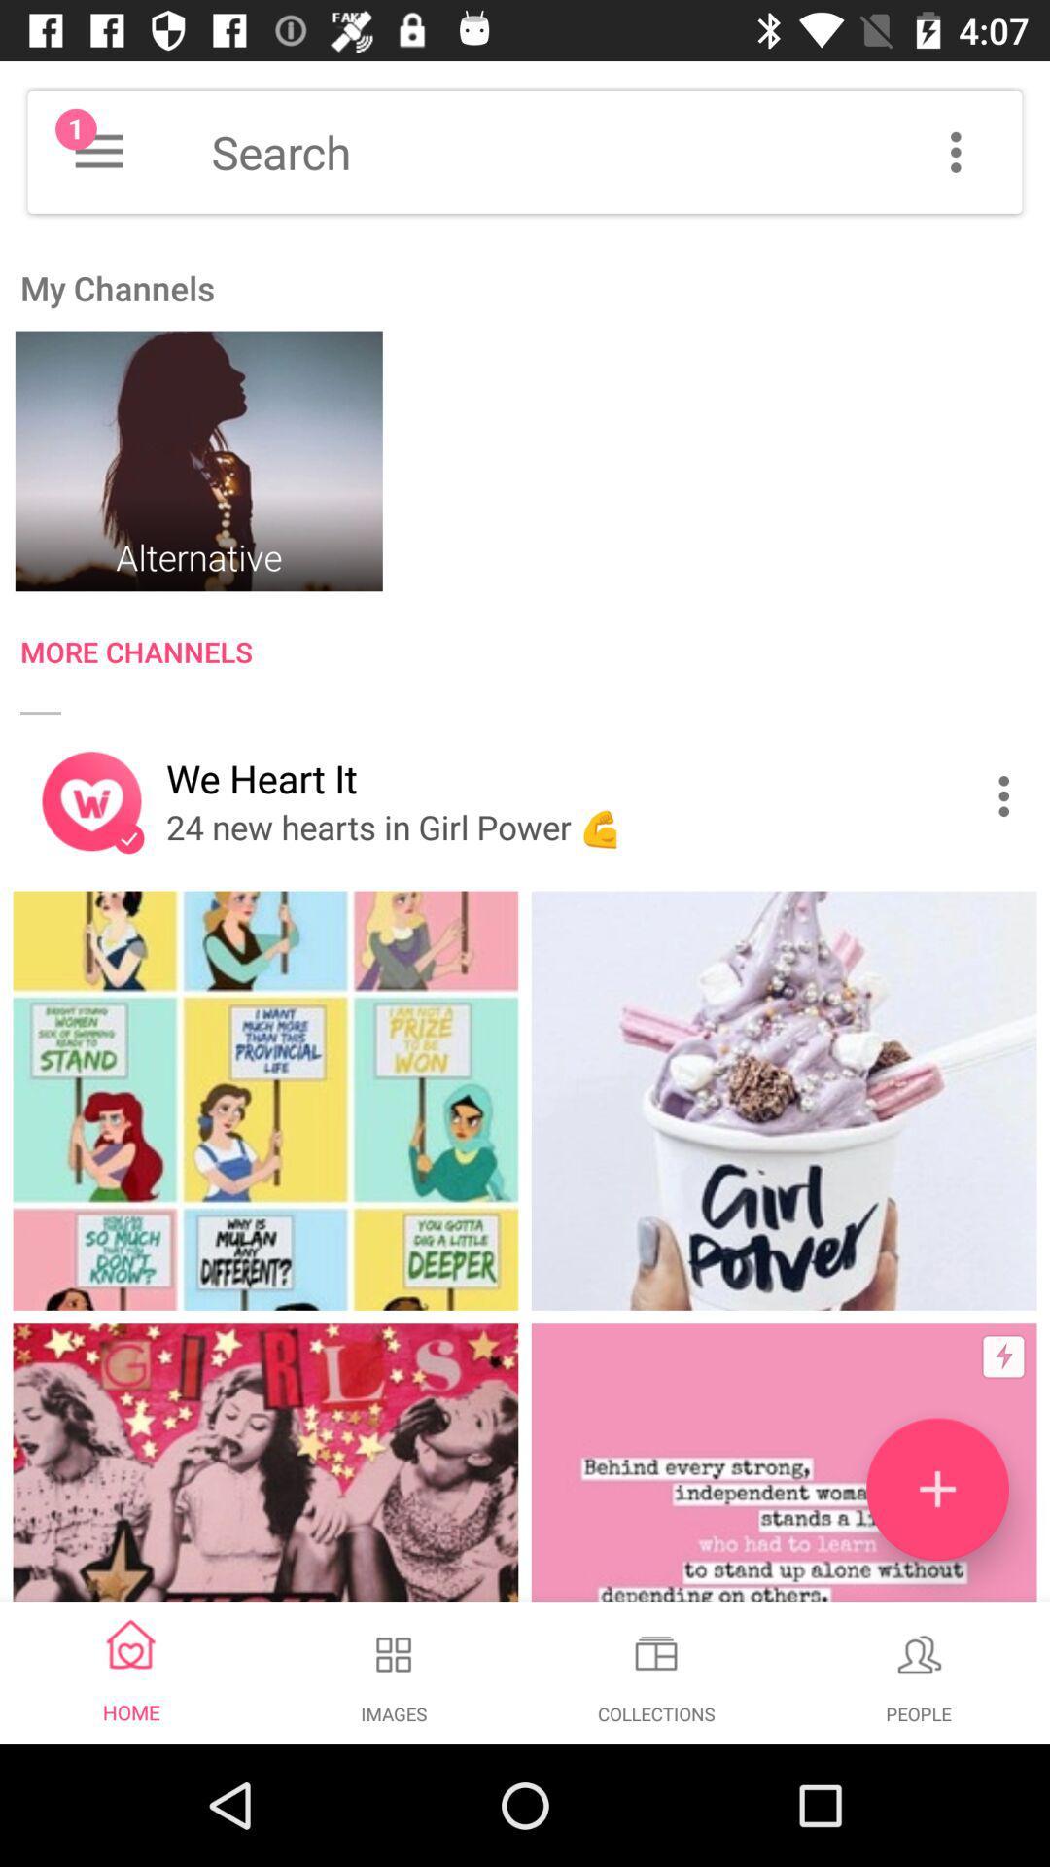 The width and height of the screenshot is (1050, 1867). What do you see at coordinates (616, 151) in the screenshot?
I see `search` at bounding box center [616, 151].